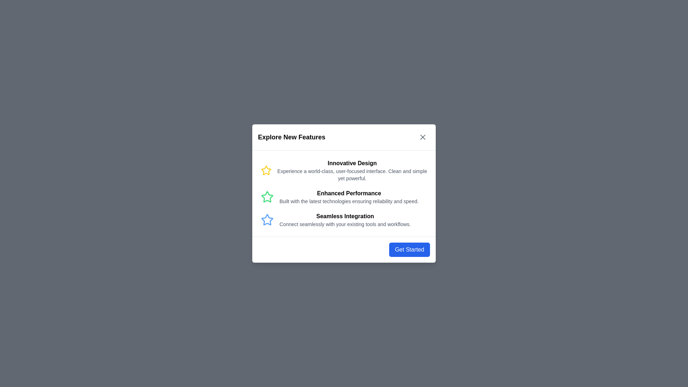 The width and height of the screenshot is (688, 387). I want to click on the label 'Enhanced Performance' which serves as a title in the modal 'Explore New Features', located between 'Innovative Design' and 'Seamless Integration', so click(349, 193).